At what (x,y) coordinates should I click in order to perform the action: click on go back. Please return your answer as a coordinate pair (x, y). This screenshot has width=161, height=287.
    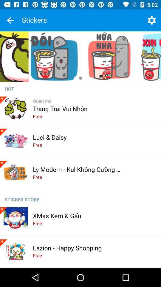
    Looking at the image, I should click on (10, 20).